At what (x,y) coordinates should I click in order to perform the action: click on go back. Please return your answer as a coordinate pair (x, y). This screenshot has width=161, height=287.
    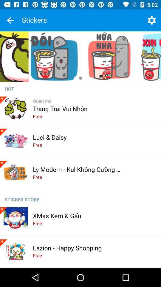
    Looking at the image, I should click on (10, 20).